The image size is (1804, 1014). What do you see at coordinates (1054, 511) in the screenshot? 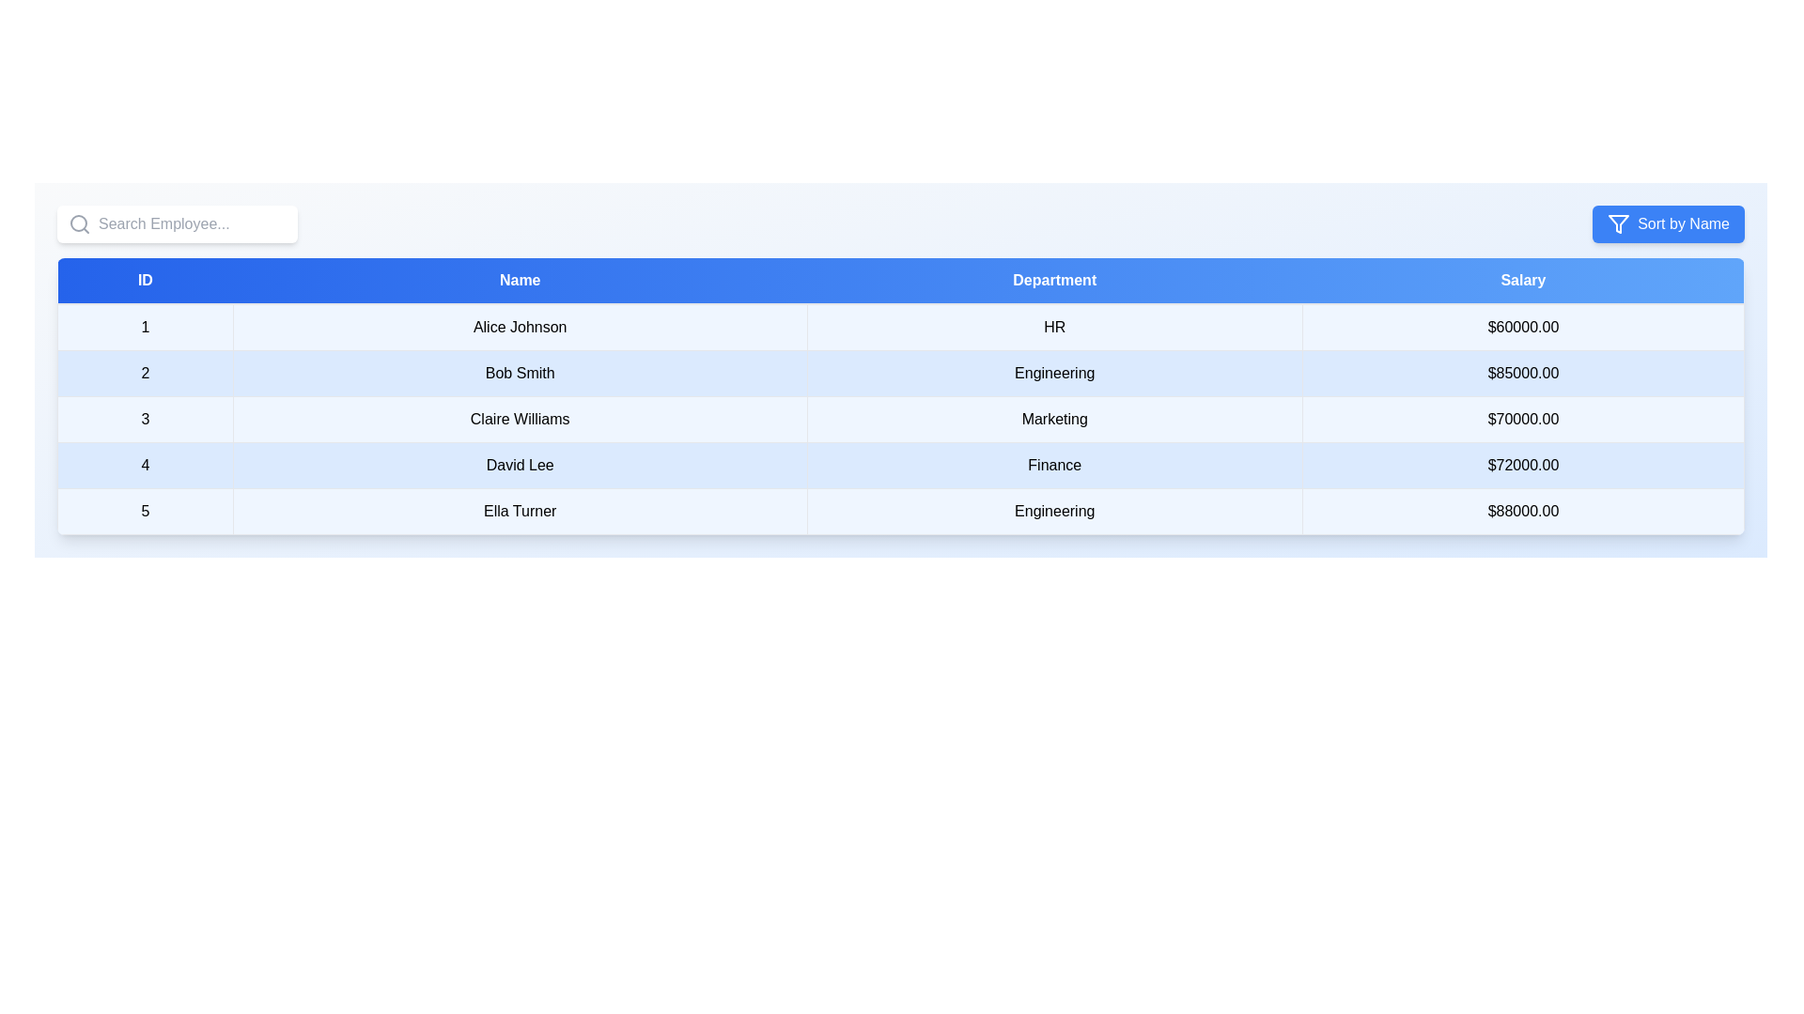
I see `the static text label displaying the department name for employee Ella Turner, located in the last row of the employee data table in the 'Department' column` at bounding box center [1054, 511].